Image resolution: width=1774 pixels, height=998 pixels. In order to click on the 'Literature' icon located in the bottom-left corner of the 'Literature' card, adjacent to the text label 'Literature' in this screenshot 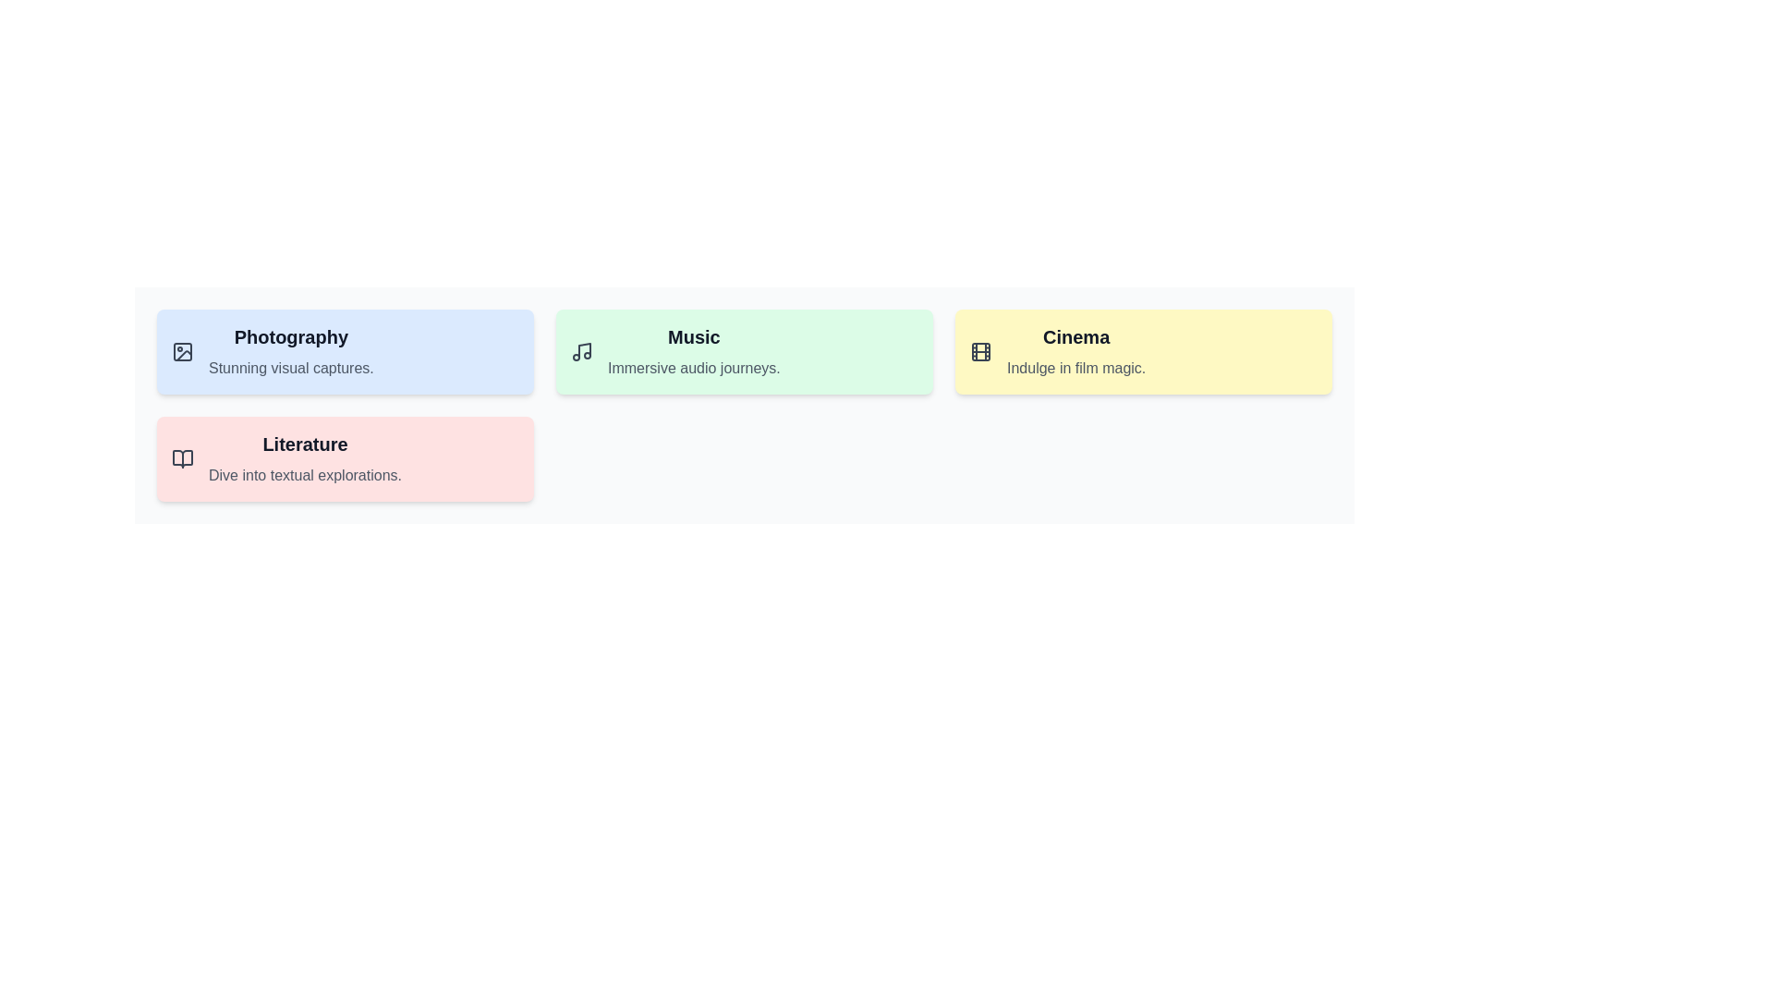, I will do `click(182, 458)`.